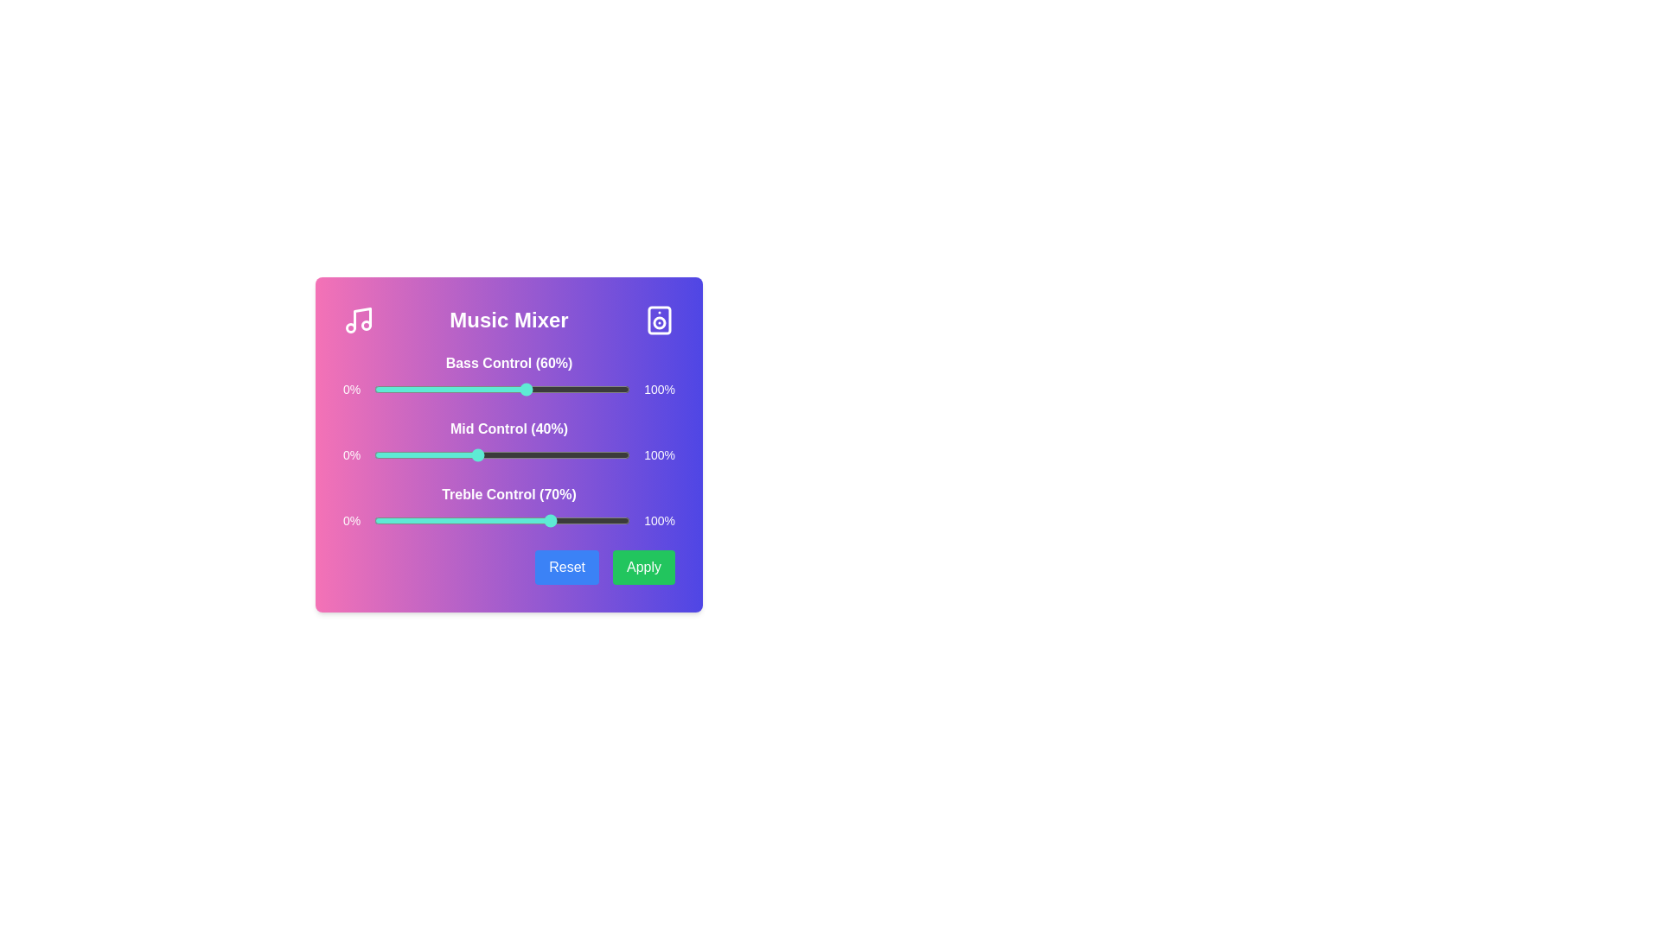 The image size is (1660, 933). I want to click on the bass control slider to 59%, so click(524, 390).